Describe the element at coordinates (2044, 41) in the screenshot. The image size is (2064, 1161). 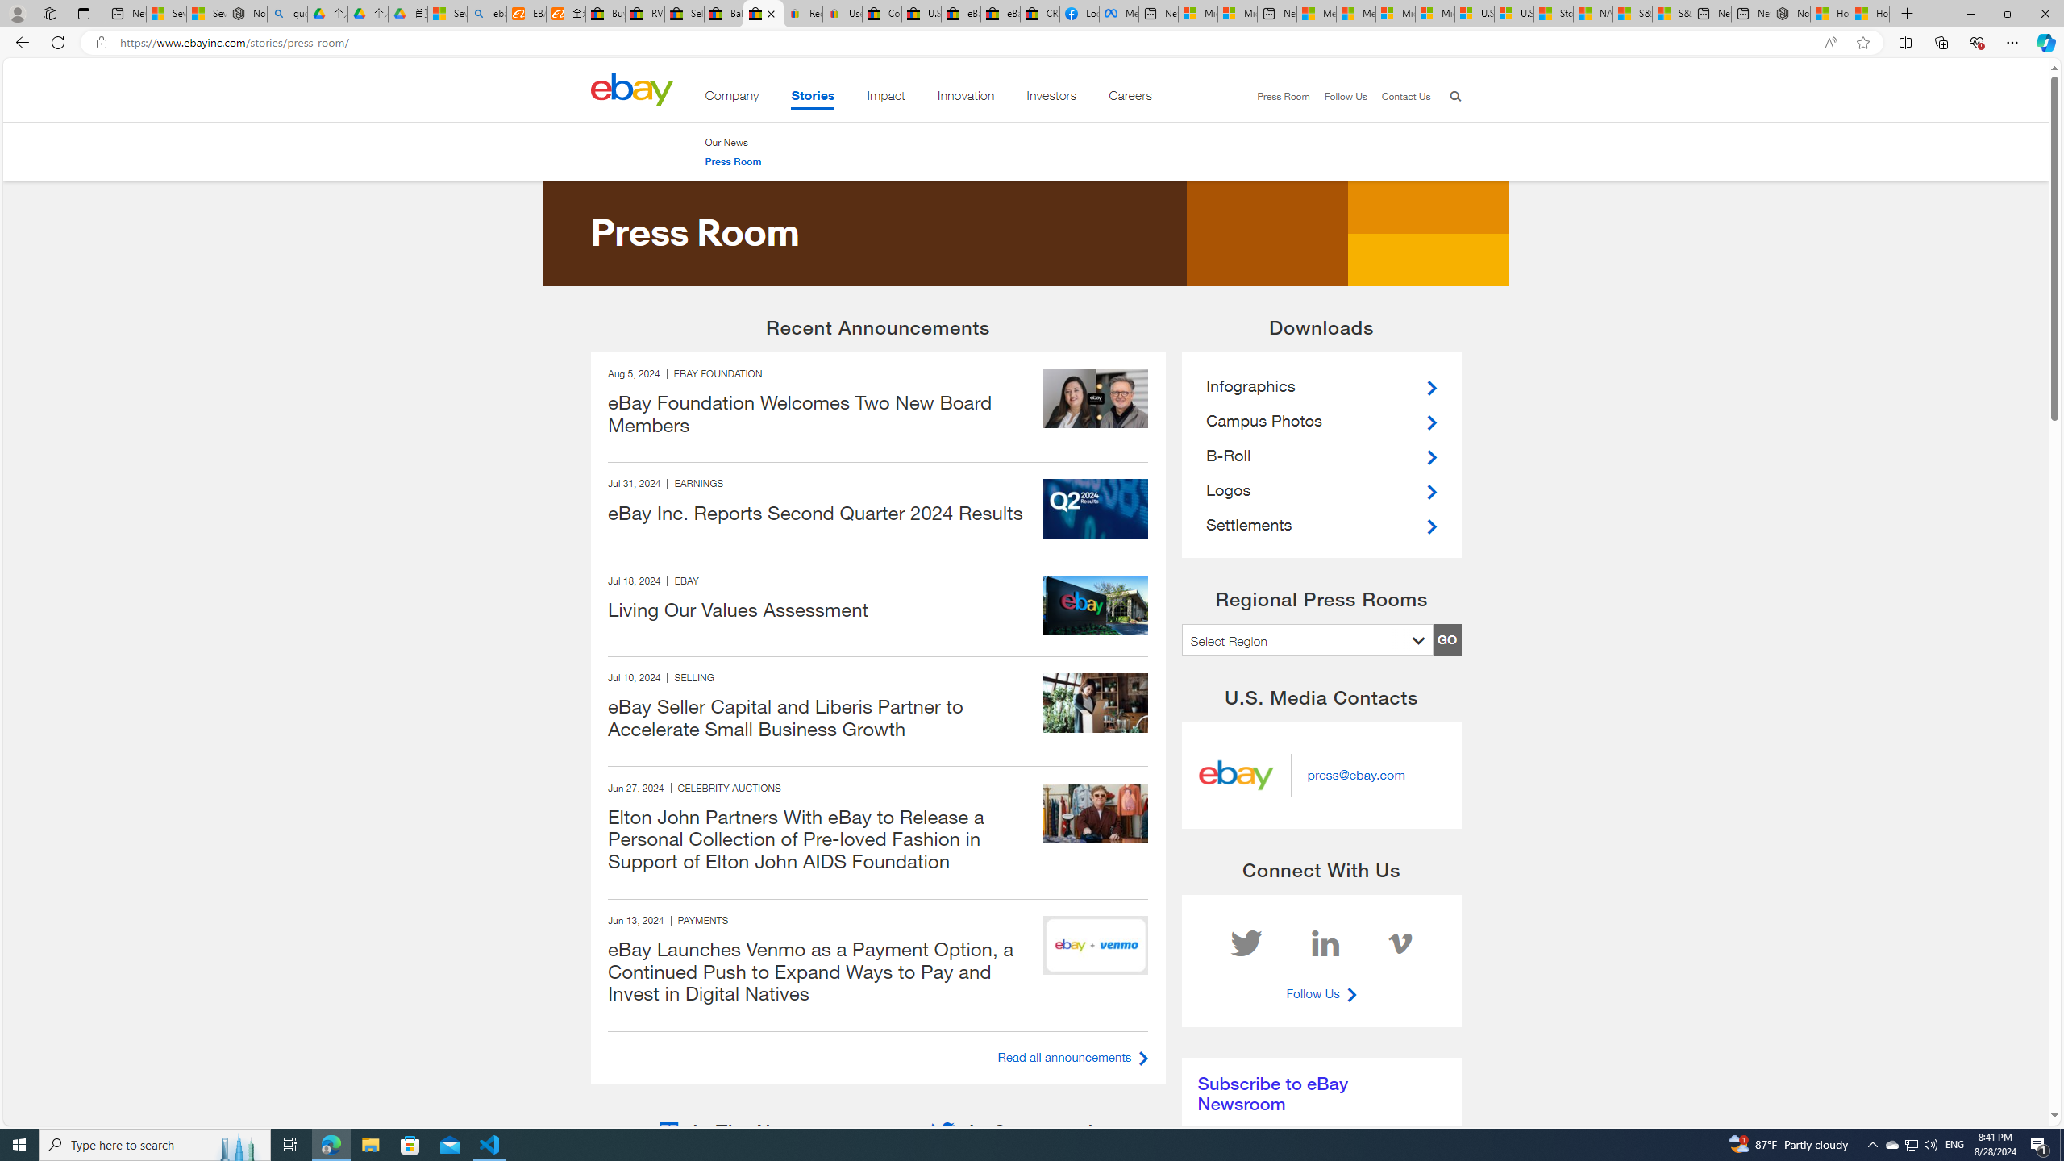
I see `'Copilot (Ctrl+Shift+.)'` at that location.